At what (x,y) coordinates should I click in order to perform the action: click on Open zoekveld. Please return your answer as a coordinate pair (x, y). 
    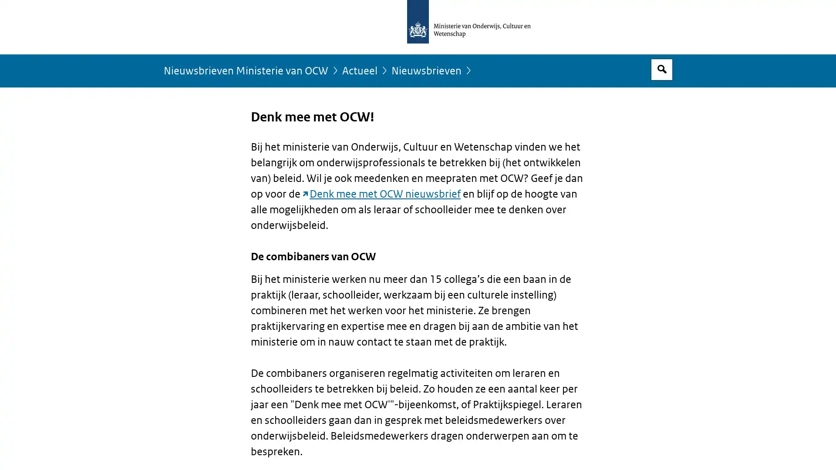
    Looking at the image, I should click on (662, 69).